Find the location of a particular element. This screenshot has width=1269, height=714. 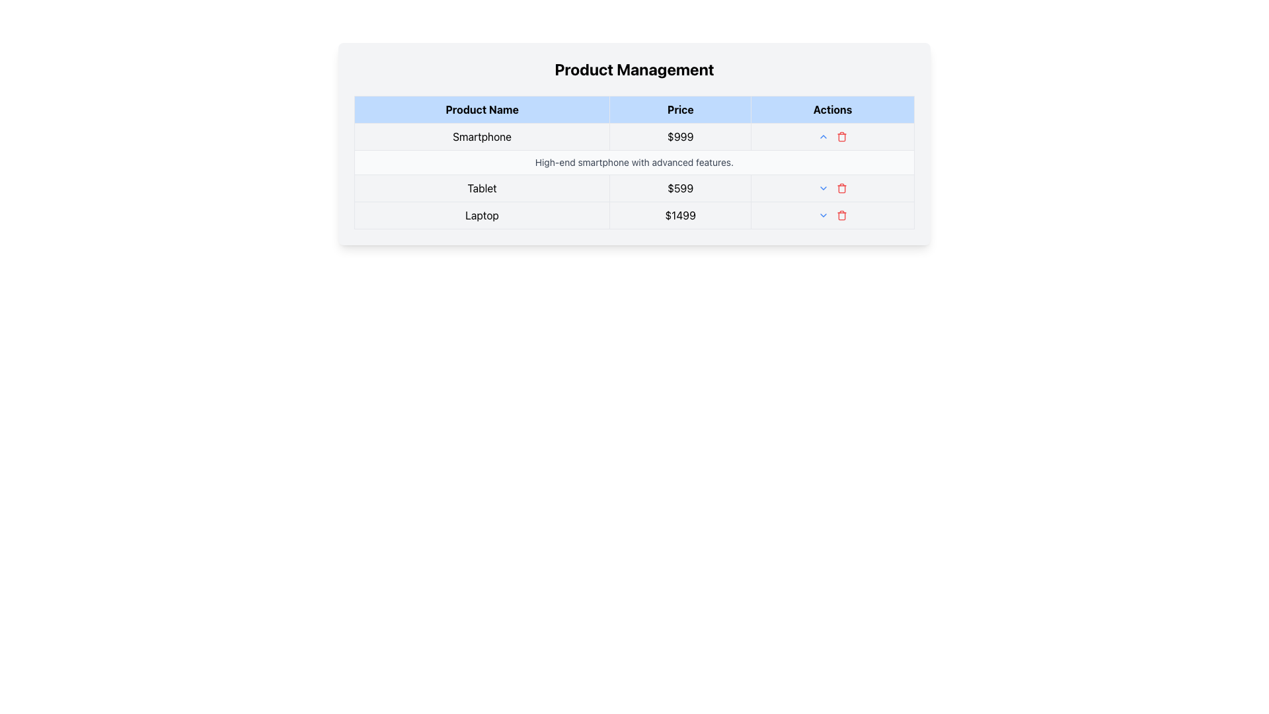

the Text Label element displaying the price '$1499' in the last row of the table under the 'Price' column is located at coordinates (680, 215).